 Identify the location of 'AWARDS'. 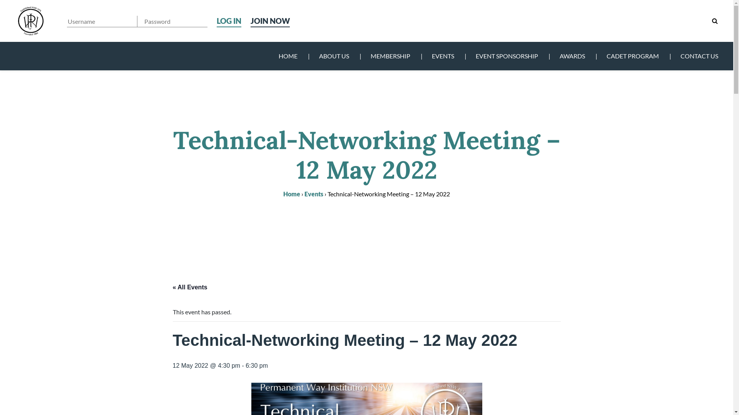
(548, 56).